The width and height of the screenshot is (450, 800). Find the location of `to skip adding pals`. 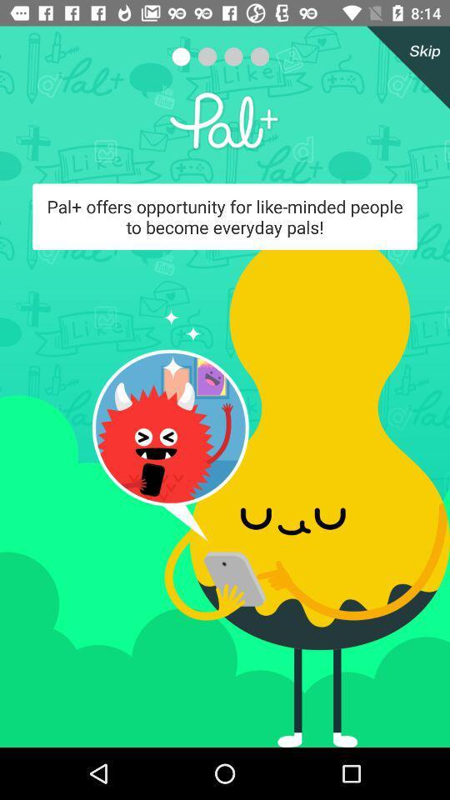

to skip adding pals is located at coordinates (404, 67).